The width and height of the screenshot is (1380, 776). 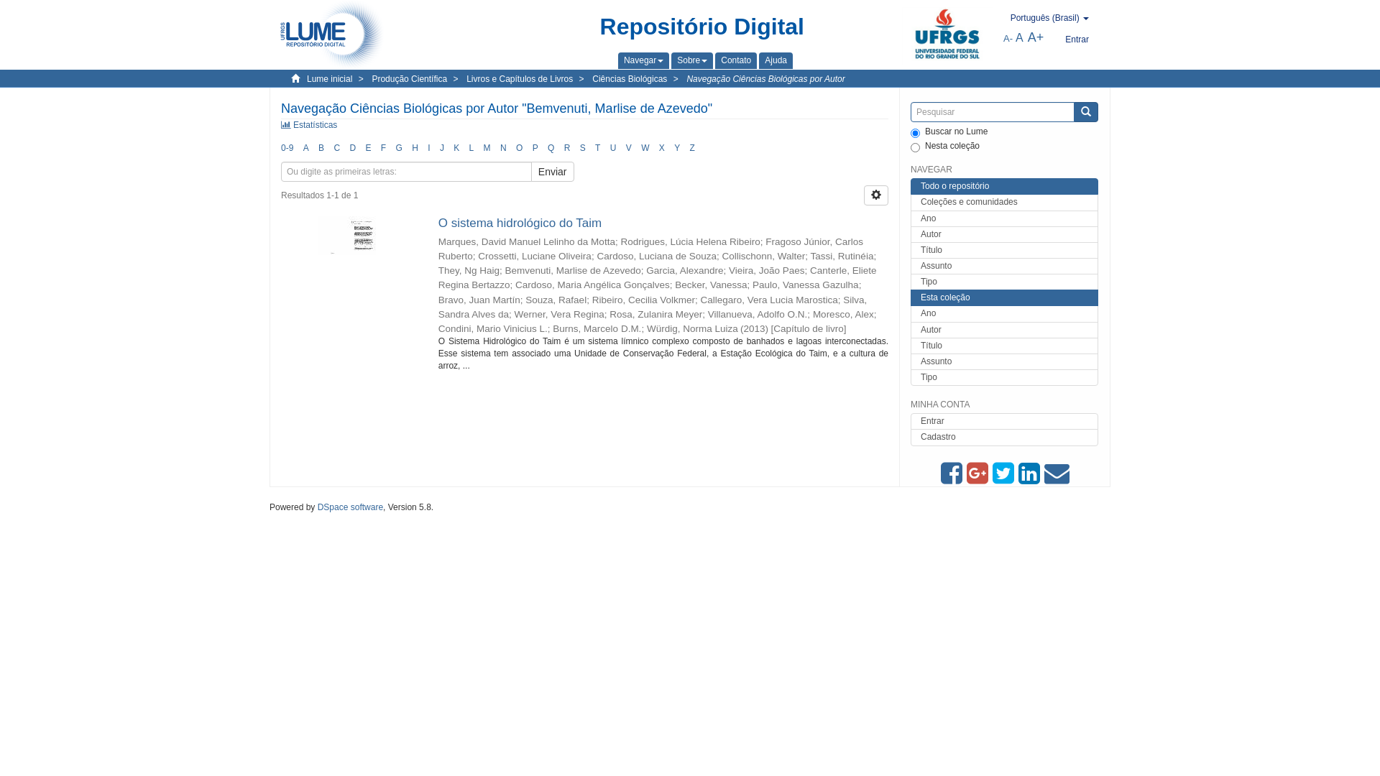 What do you see at coordinates (1007, 37) in the screenshot?
I see `'A-'` at bounding box center [1007, 37].